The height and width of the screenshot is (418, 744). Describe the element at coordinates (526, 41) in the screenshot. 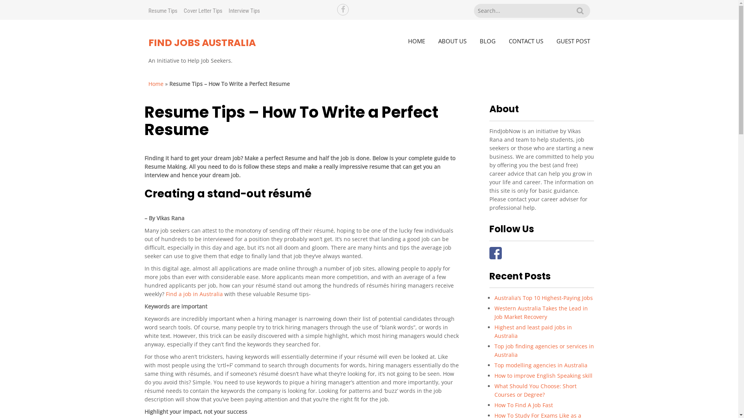

I see `'CONTACT US'` at that location.